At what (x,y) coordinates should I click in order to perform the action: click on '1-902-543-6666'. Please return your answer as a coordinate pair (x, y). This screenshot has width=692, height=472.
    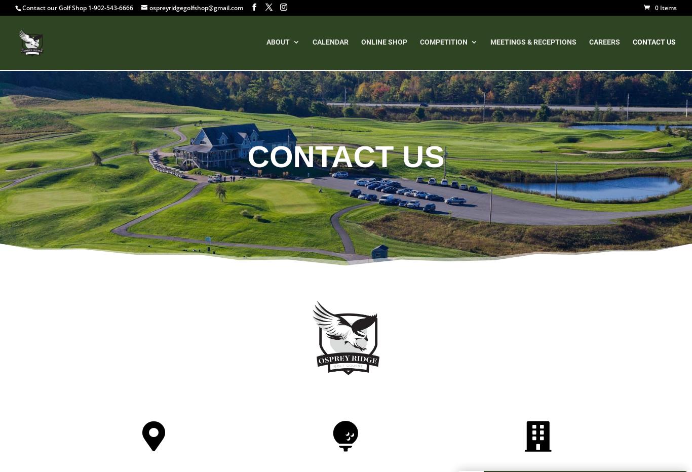
    Looking at the image, I should click on (110, 7).